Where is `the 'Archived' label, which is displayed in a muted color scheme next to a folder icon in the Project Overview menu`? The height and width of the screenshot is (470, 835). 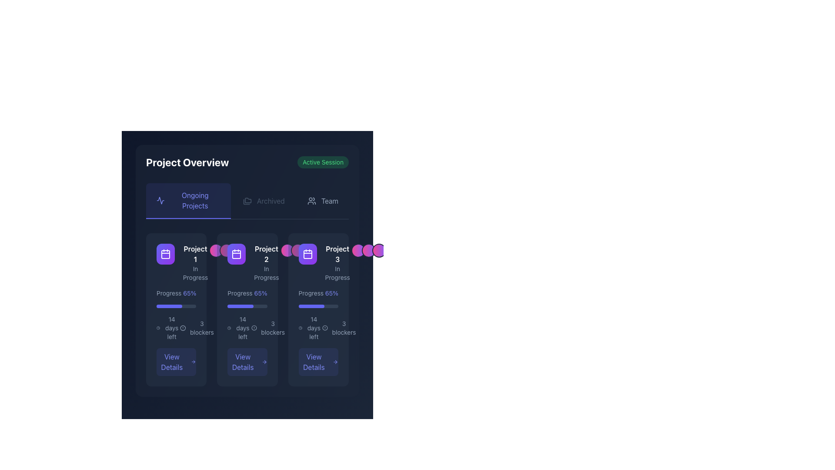 the 'Archived' label, which is displayed in a muted color scheme next to a folder icon in the Project Overview menu is located at coordinates (270, 201).